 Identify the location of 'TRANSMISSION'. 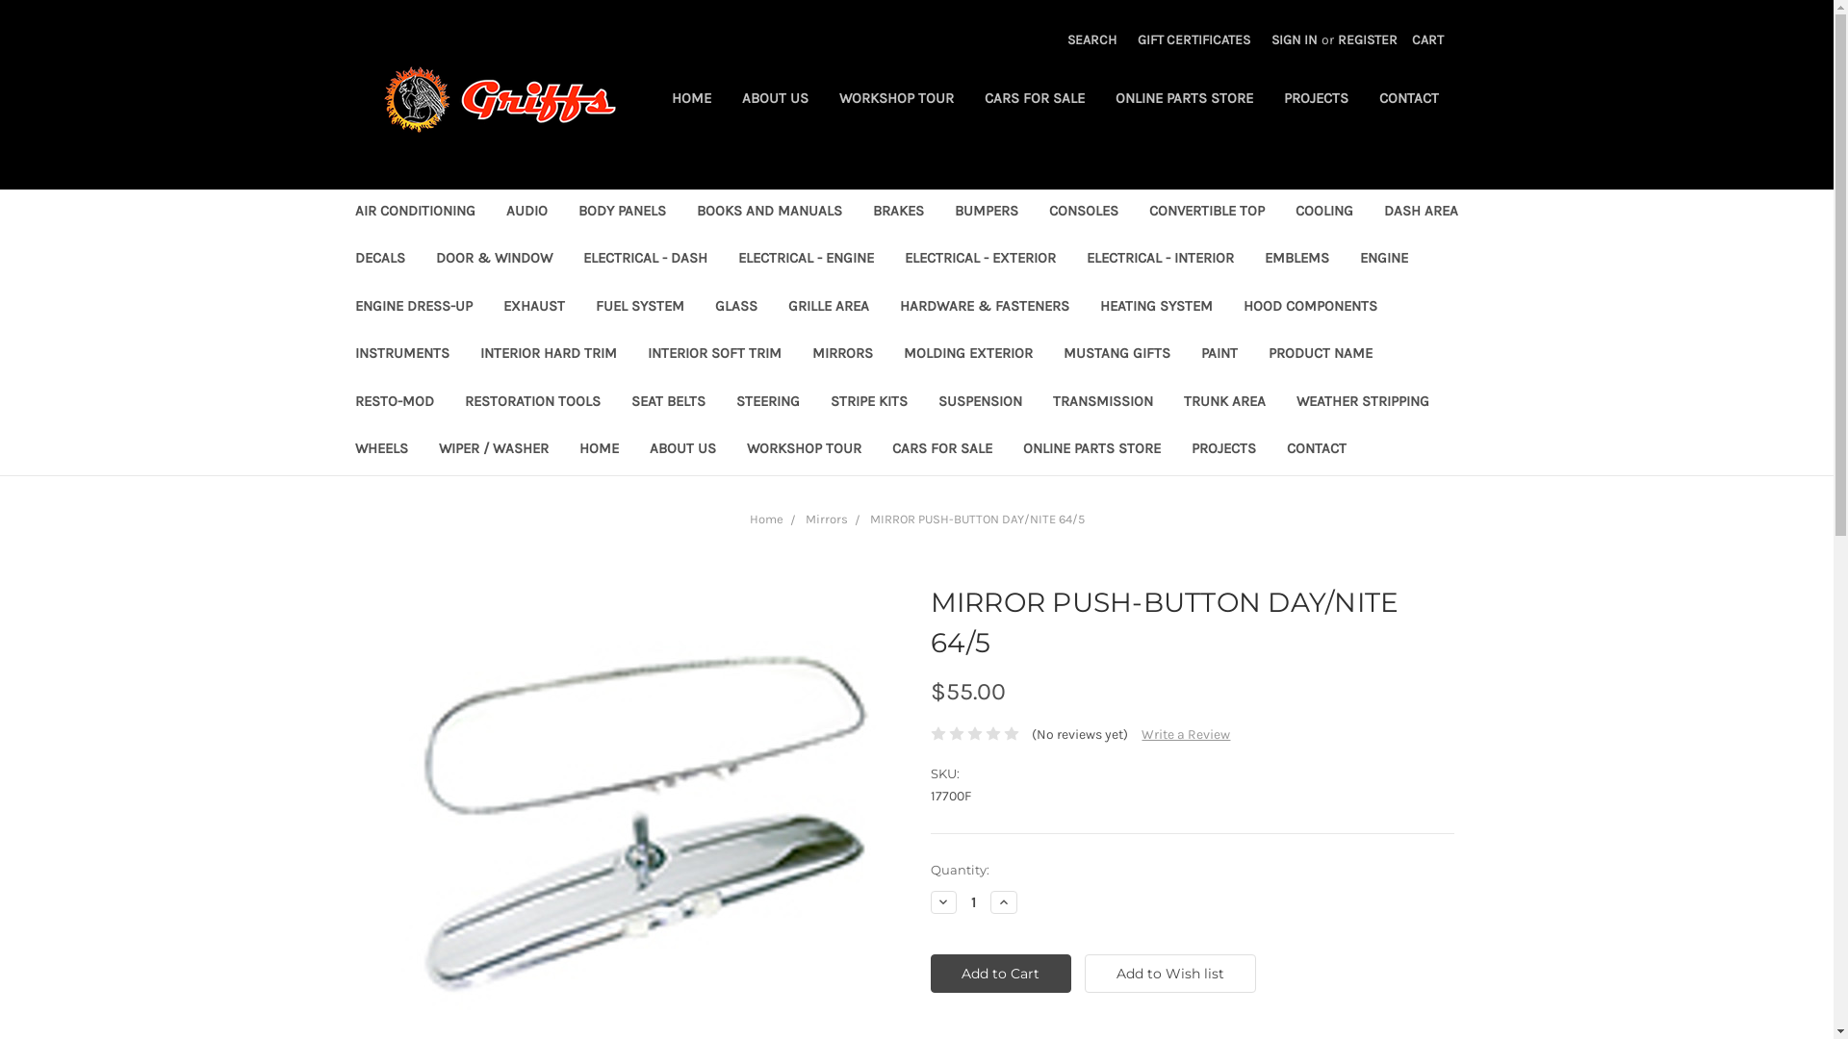
(1037, 402).